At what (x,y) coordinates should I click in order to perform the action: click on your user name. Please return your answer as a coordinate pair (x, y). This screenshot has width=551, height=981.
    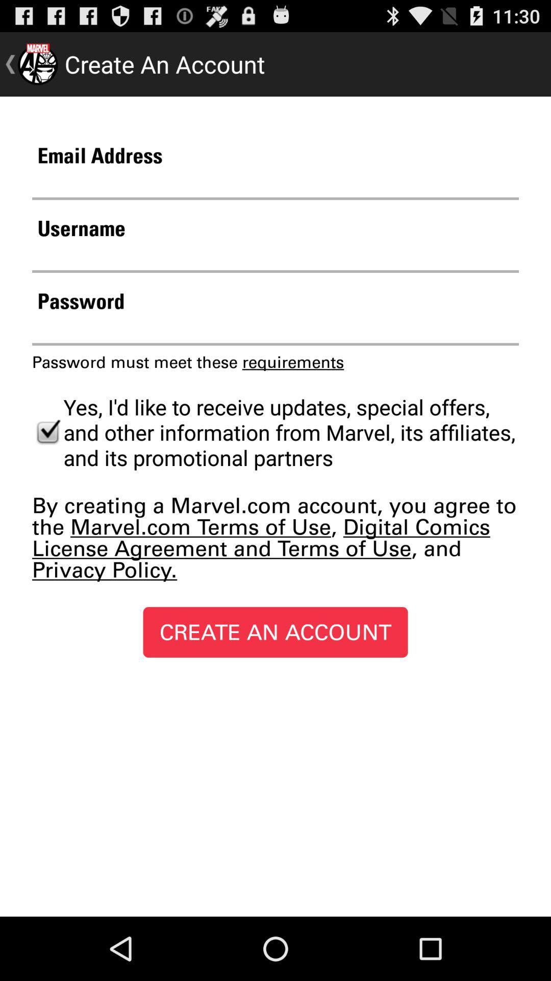
    Looking at the image, I should click on (275, 257).